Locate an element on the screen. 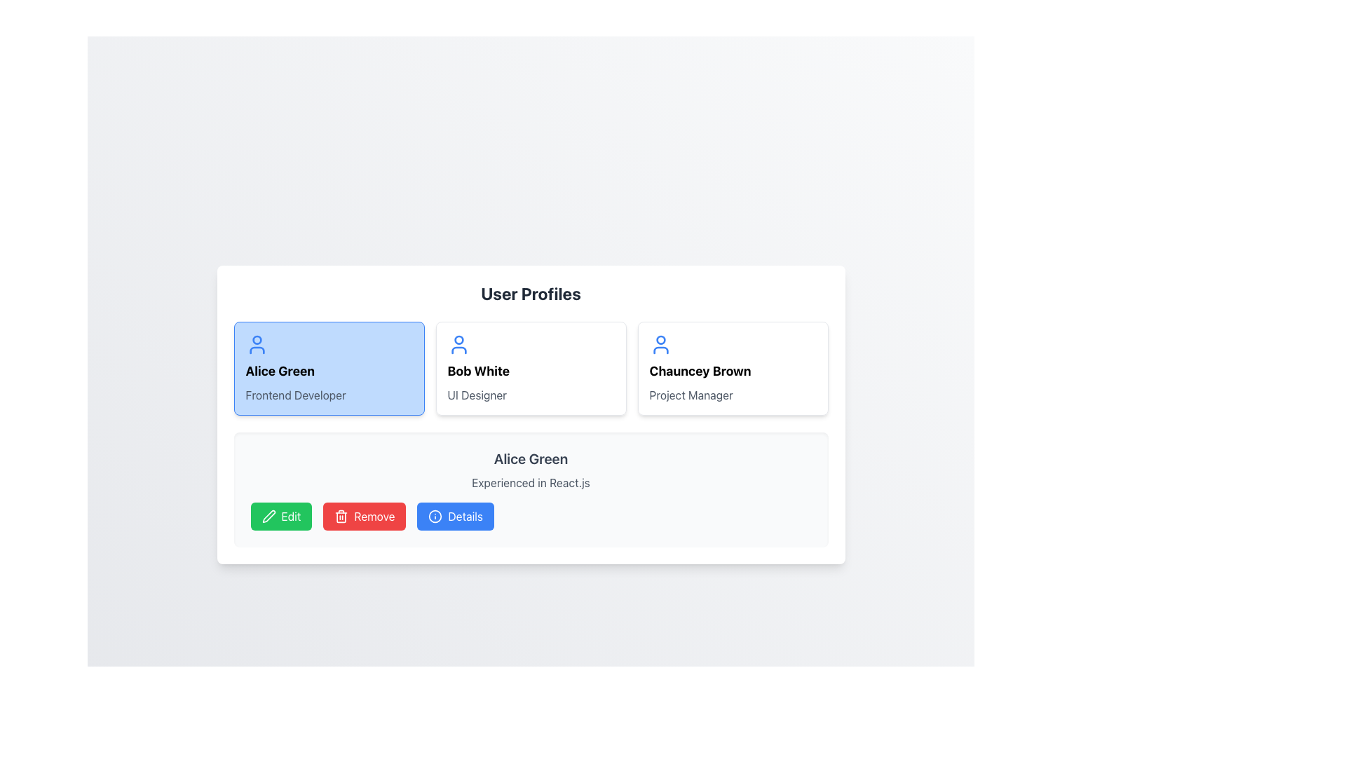  the blue person icon representing 'Bob White' in the second profile card from the left in the 'User Profiles' section, positioned above the text 'Bob White' and 'UI Designer' is located at coordinates (458, 345).